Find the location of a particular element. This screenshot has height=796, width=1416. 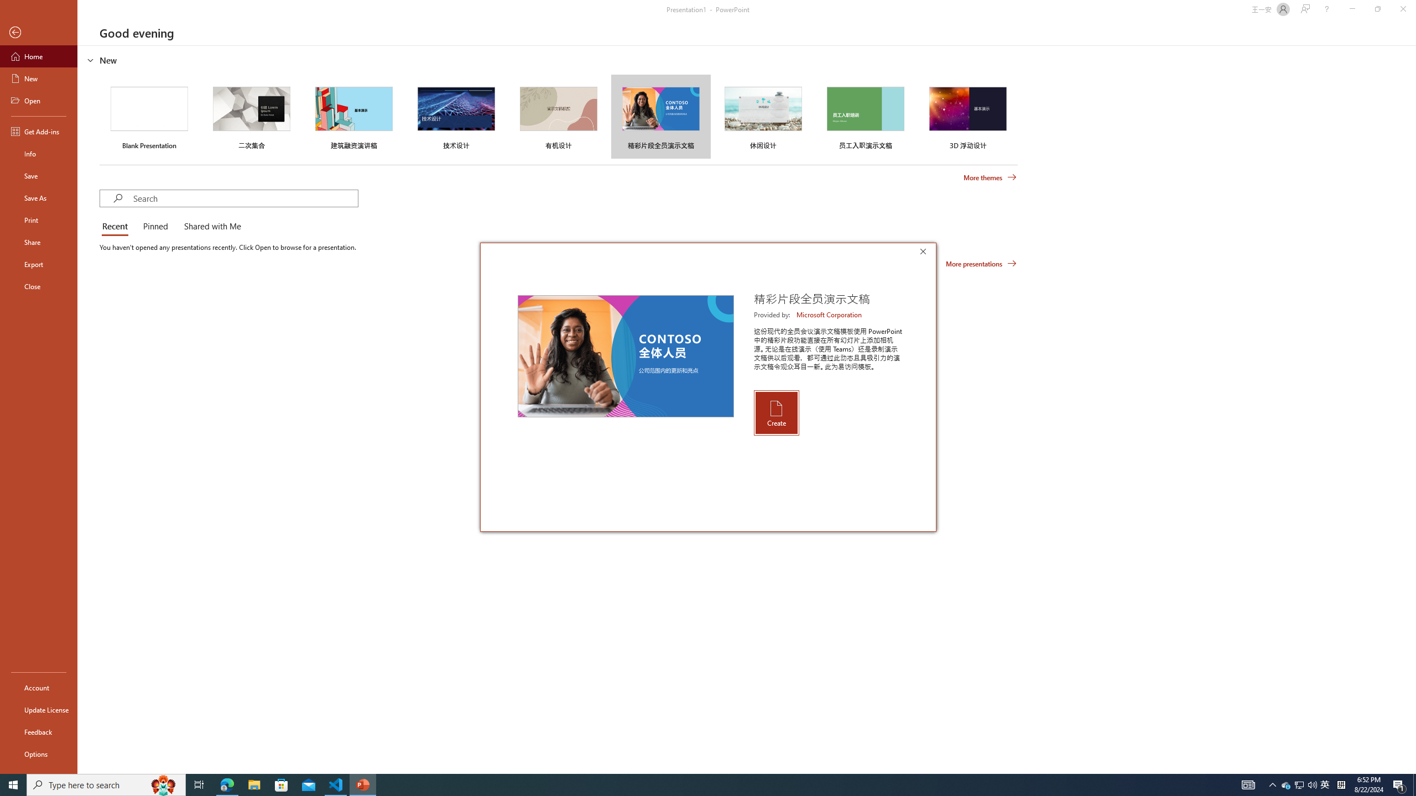

'Options' is located at coordinates (38, 753).